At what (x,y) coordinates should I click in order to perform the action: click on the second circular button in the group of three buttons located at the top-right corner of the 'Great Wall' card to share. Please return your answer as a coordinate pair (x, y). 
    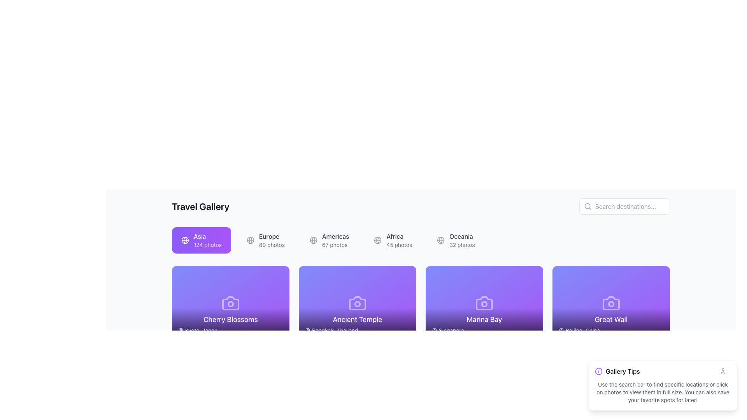
    Looking at the image, I should click on (640, 278).